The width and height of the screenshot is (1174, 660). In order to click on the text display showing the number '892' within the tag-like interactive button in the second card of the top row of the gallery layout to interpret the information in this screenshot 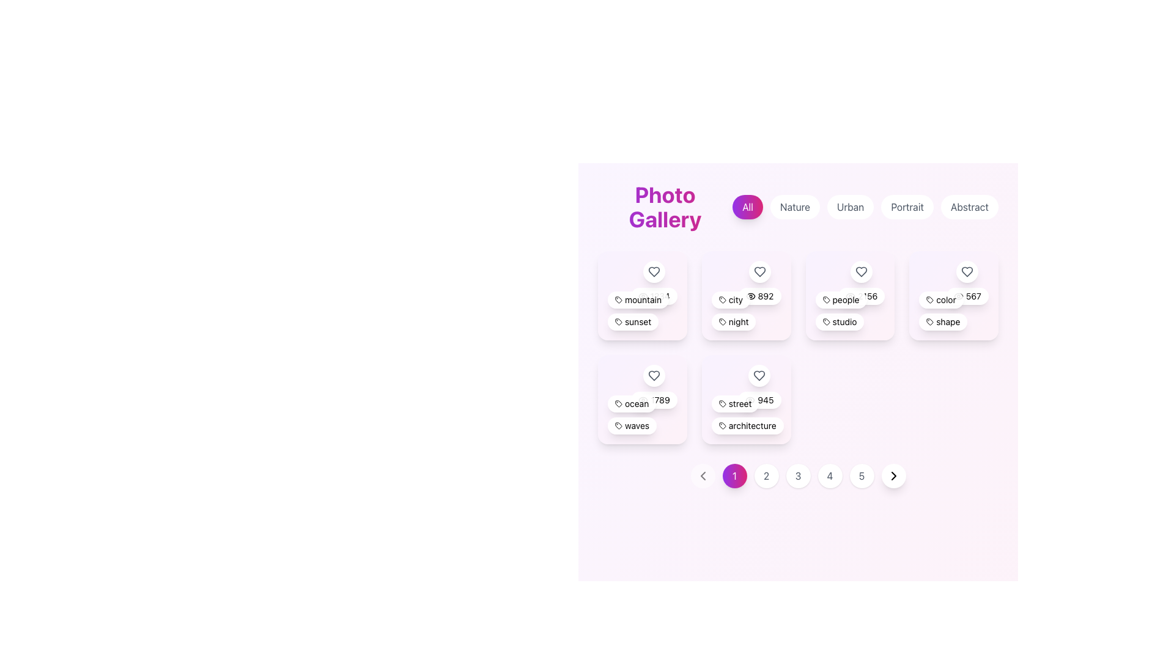, I will do `click(765, 296)`.